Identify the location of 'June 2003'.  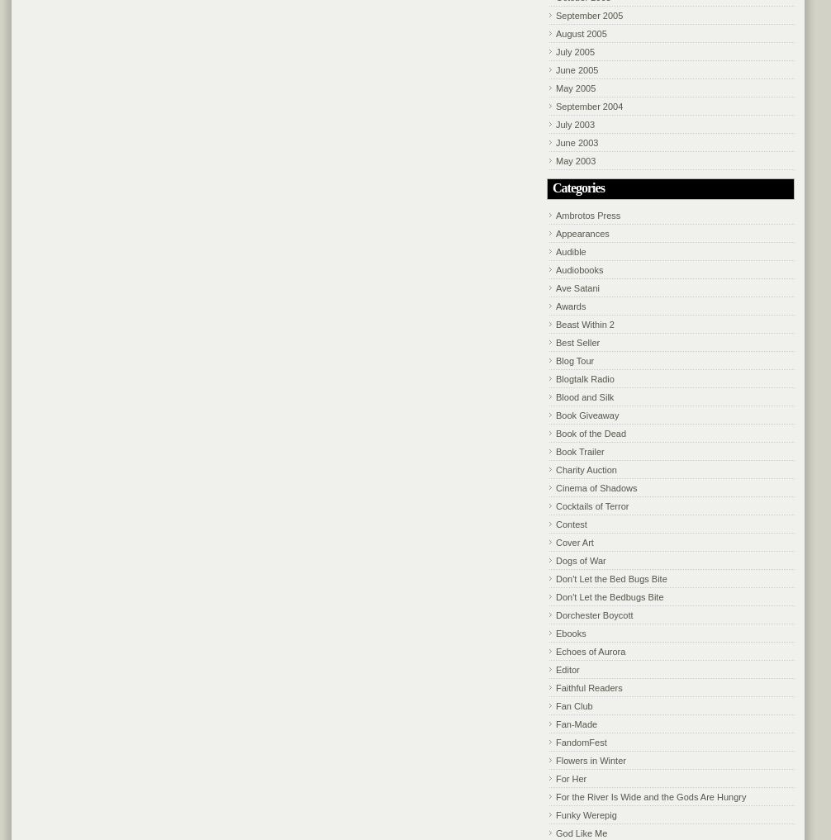
(556, 141).